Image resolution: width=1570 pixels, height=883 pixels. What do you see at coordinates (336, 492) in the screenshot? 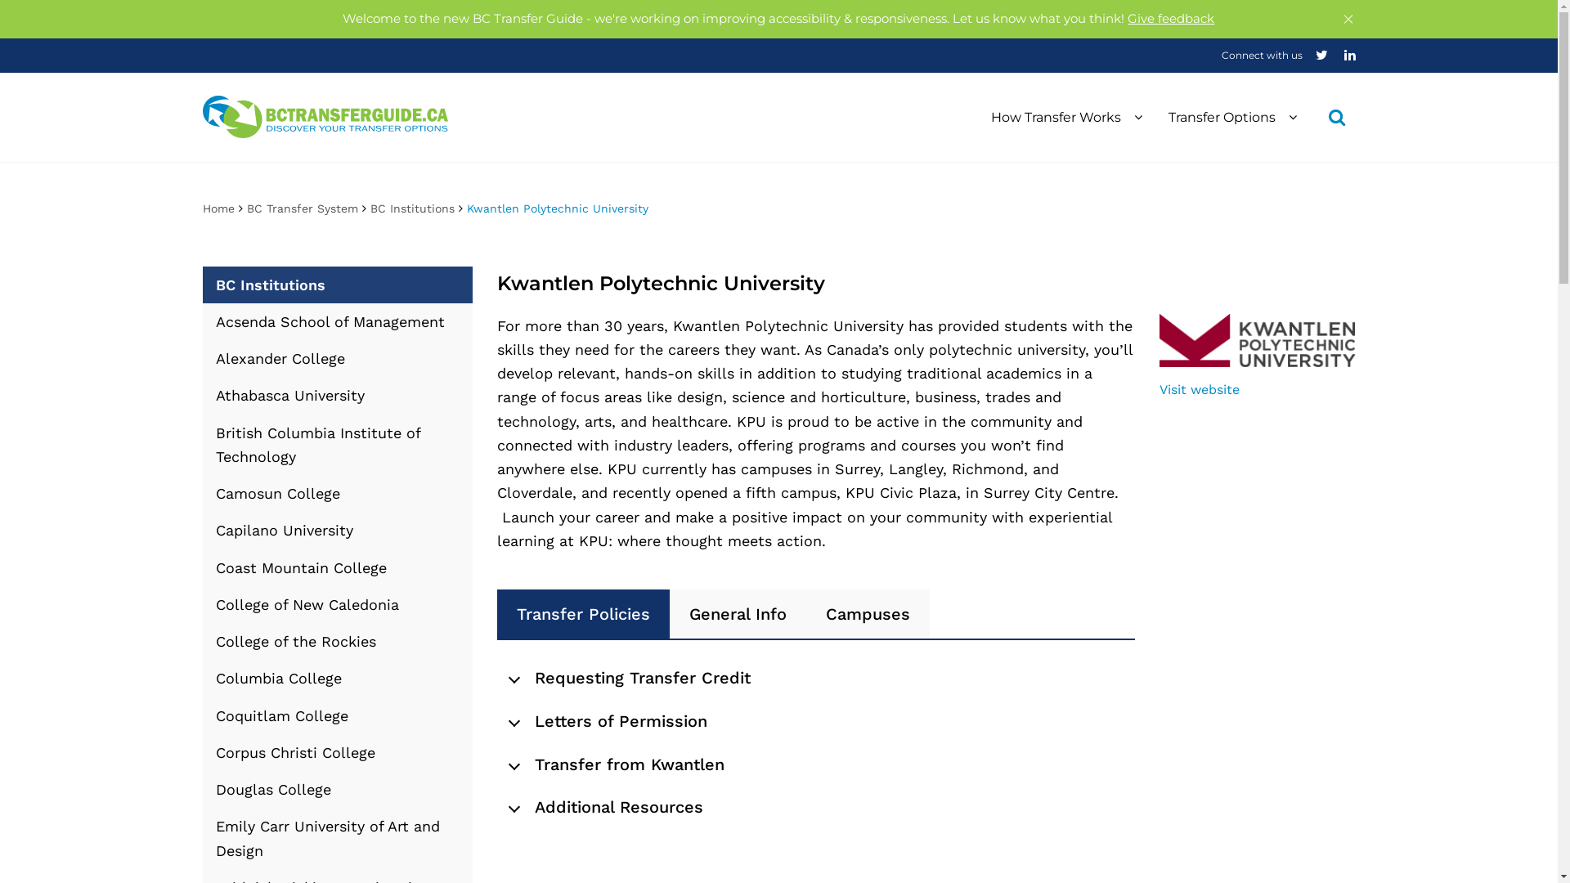
I see `'Camosun College'` at bounding box center [336, 492].